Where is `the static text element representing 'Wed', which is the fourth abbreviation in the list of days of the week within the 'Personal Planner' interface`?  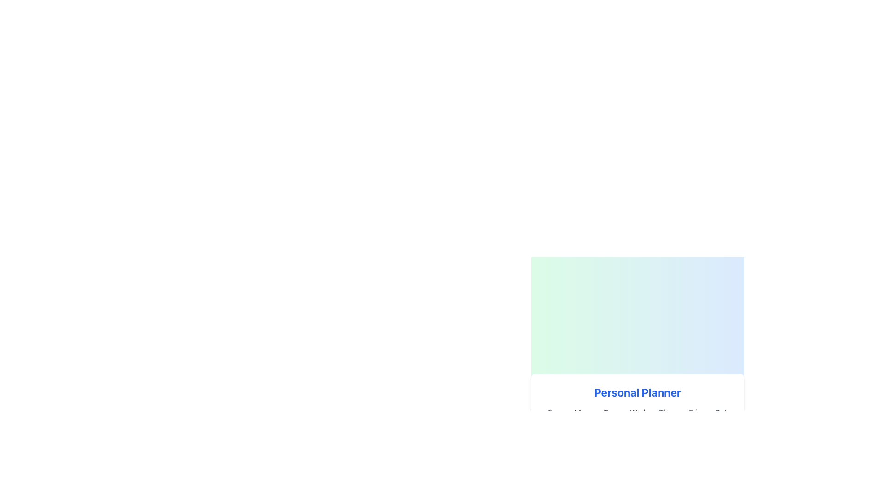 the static text element representing 'Wed', which is the fourth abbreviation in the list of days of the week within the 'Personal Planner' interface is located at coordinates (637, 412).